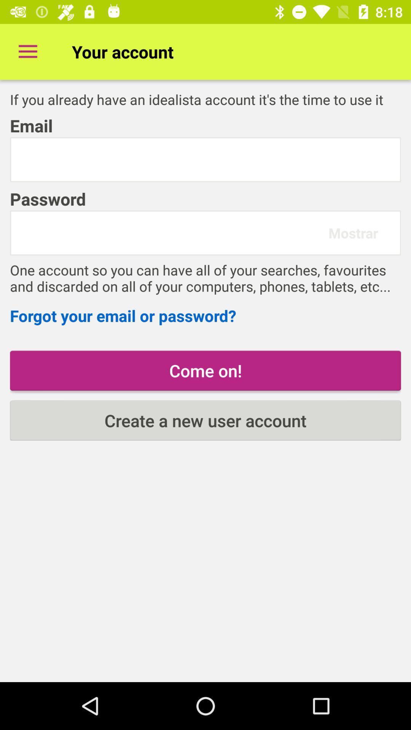  What do you see at coordinates (353, 232) in the screenshot?
I see `the item above one account so icon` at bounding box center [353, 232].